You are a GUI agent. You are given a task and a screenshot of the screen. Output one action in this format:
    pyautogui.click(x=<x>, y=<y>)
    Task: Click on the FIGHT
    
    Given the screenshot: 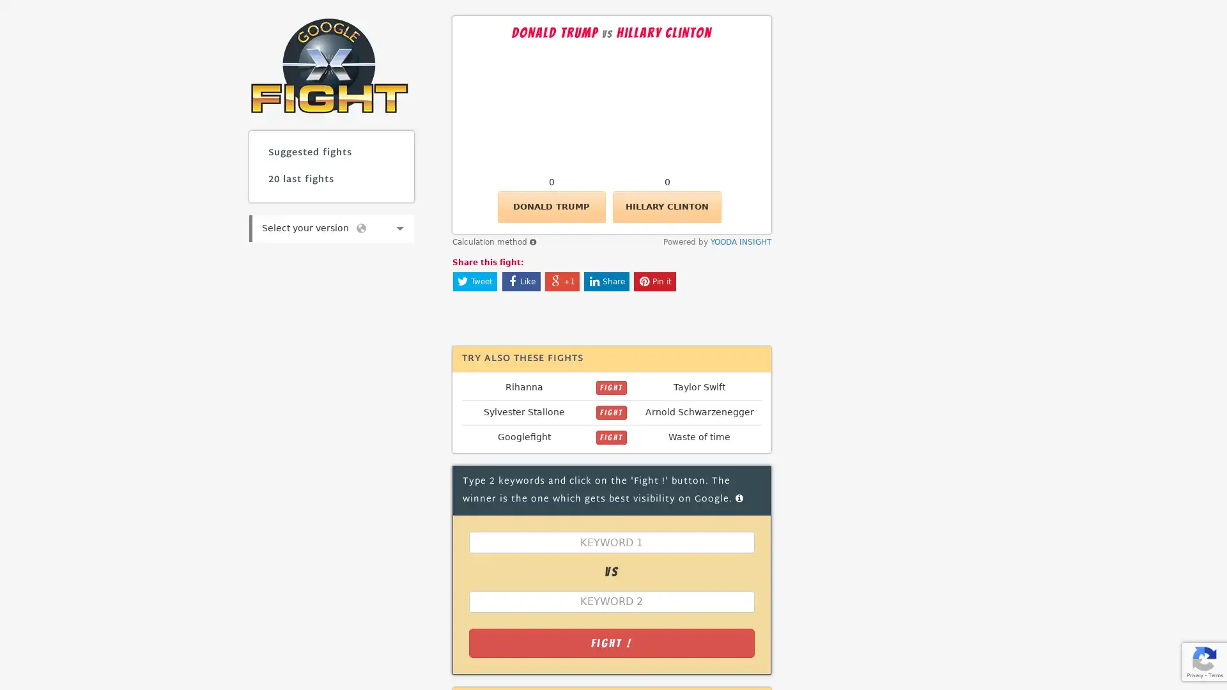 What is the action you would take?
    pyautogui.click(x=610, y=387)
    